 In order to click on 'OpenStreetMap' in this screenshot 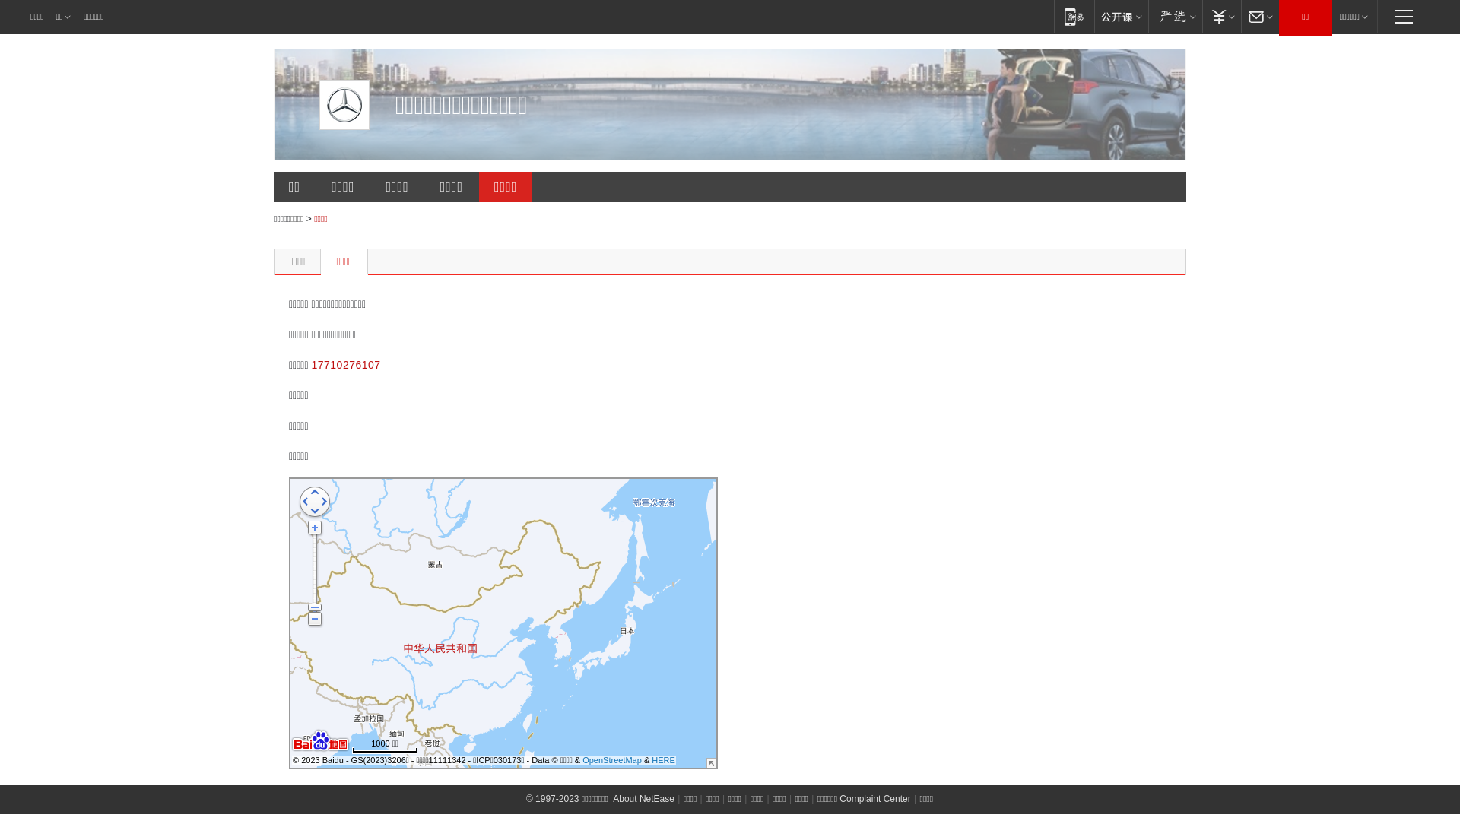, I will do `click(612, 759)`.